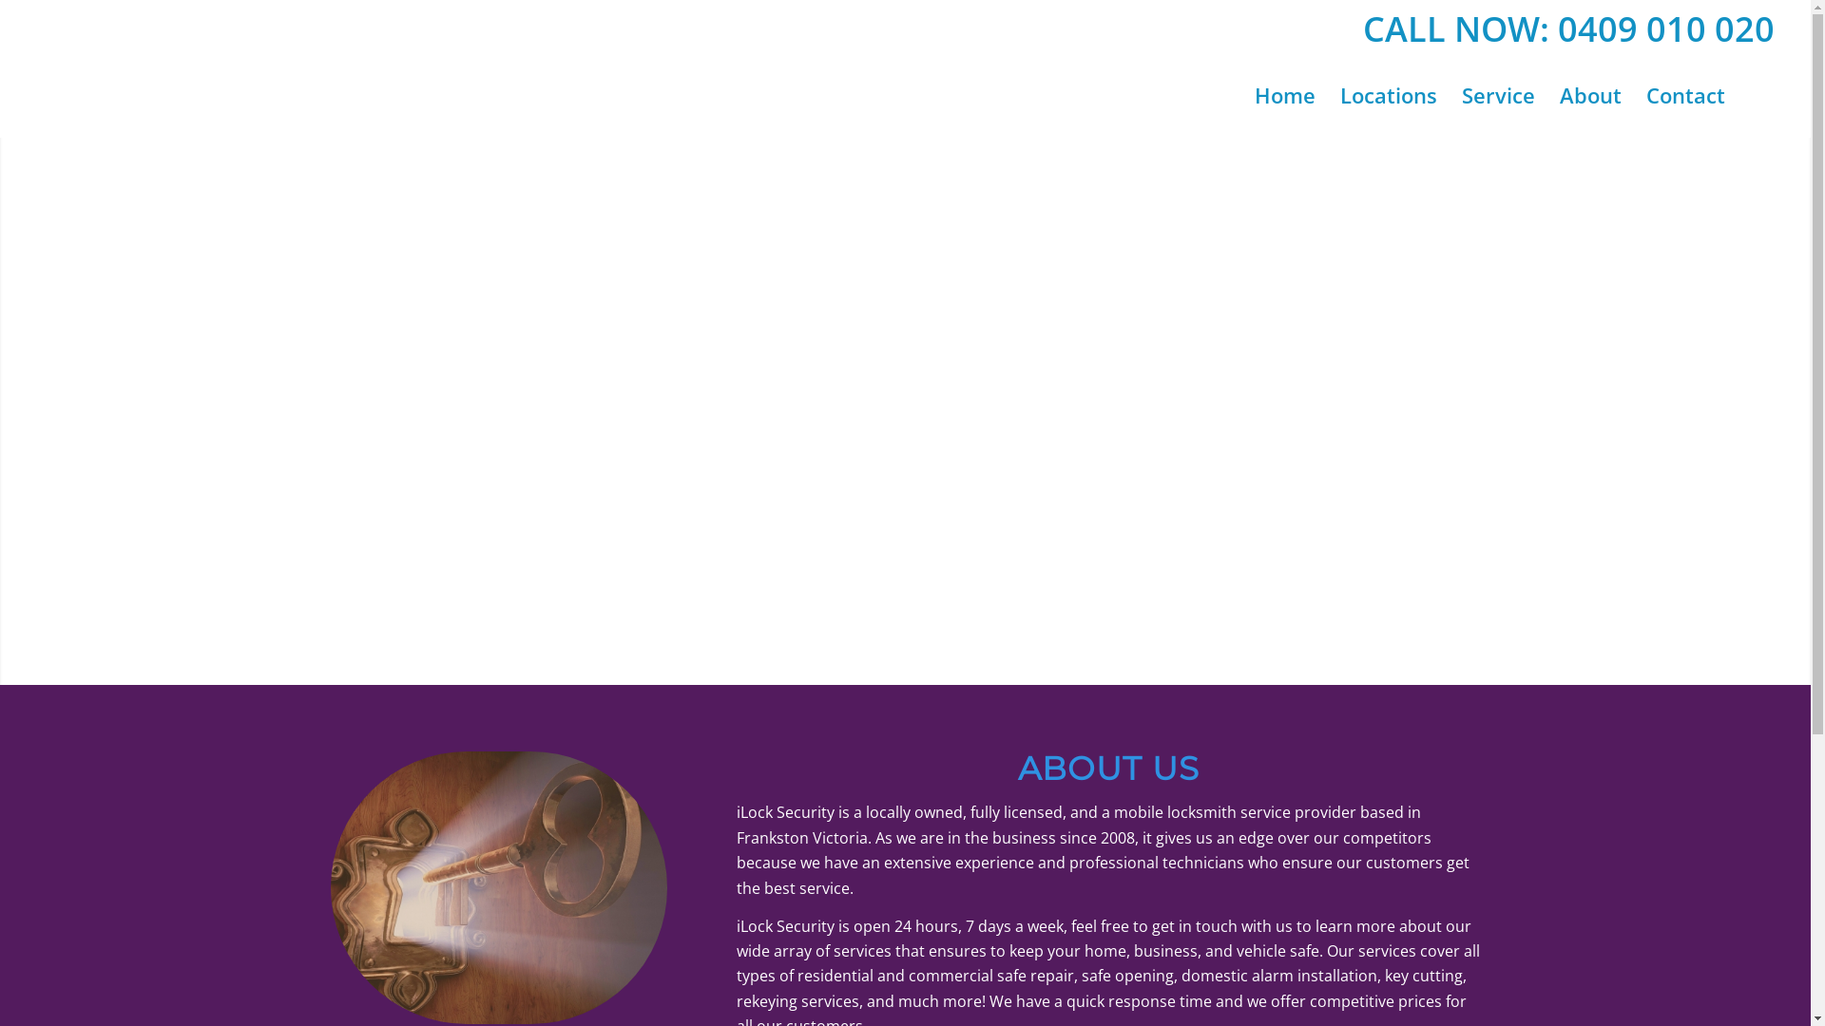  Describe the element at coordinates (1388, 95) in the screenshot. I see `'Locations'` at that location.